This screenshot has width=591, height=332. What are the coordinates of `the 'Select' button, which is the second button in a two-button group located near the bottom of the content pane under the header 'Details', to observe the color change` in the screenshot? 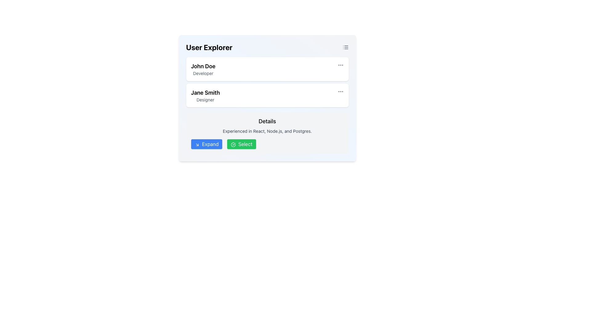 It's located at (241, 144).